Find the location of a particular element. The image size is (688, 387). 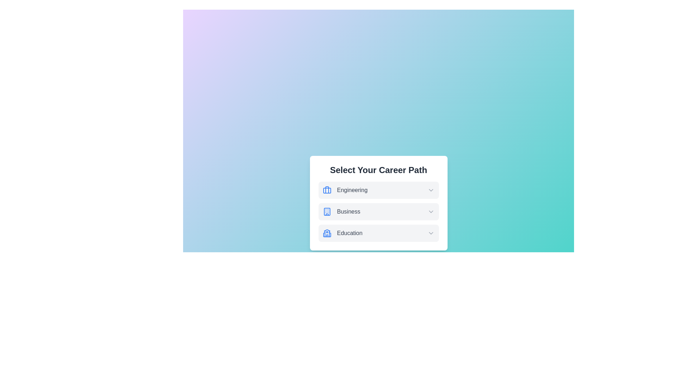

the background to dismiss the dialog is located at coordinates (35, 36).